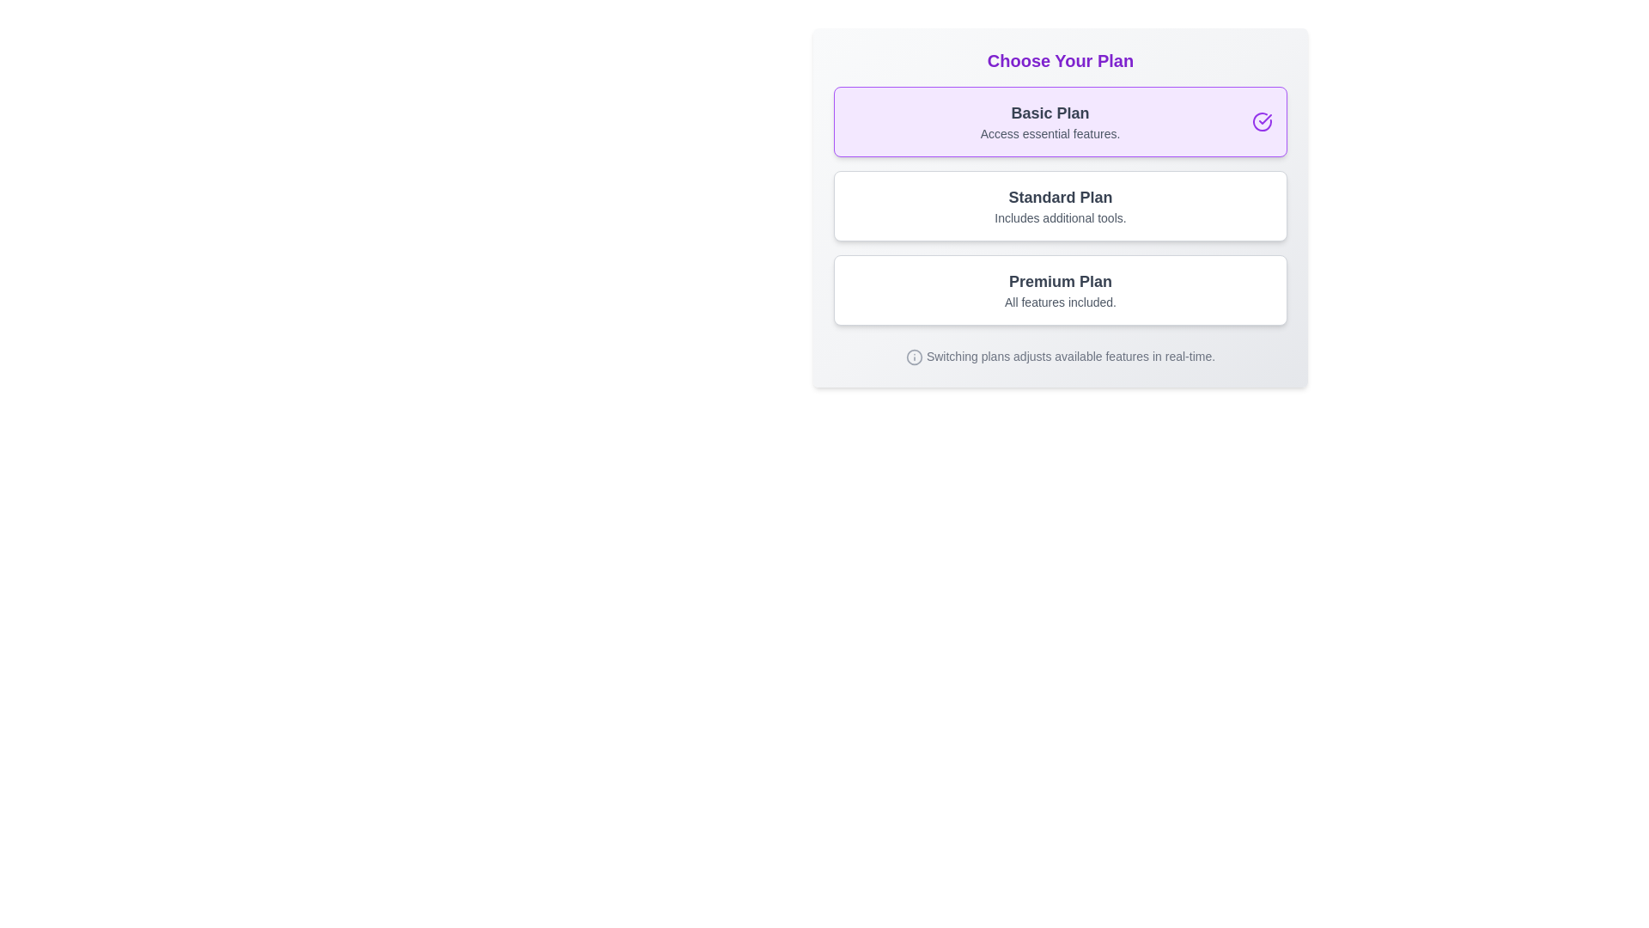 Image resolution: width=1649 pixels, height=928 pixels. I want to click on the circular information icon at the beginning of the 'Choose Your Plan' section, so click(913, 356).